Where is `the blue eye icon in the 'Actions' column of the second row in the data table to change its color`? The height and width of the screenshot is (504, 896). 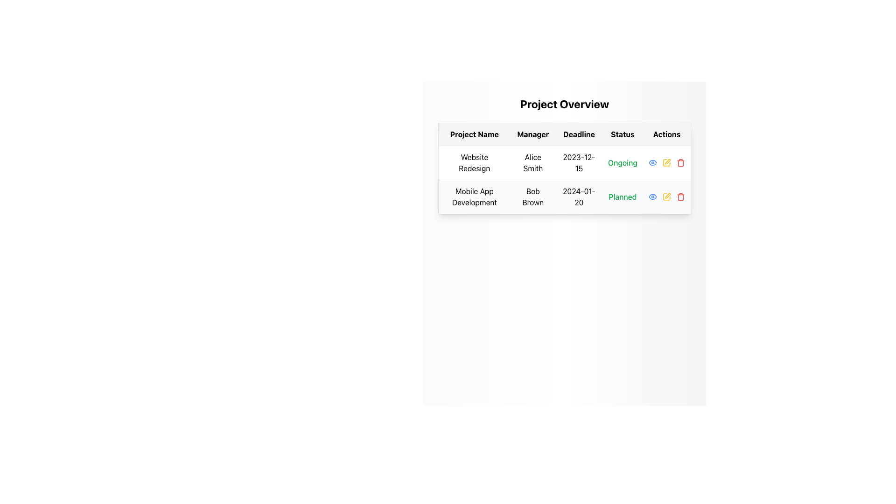 the blue eye icon in the 'Actions' column of the second row in the data table to change its color is located at coordinates (652, 162).